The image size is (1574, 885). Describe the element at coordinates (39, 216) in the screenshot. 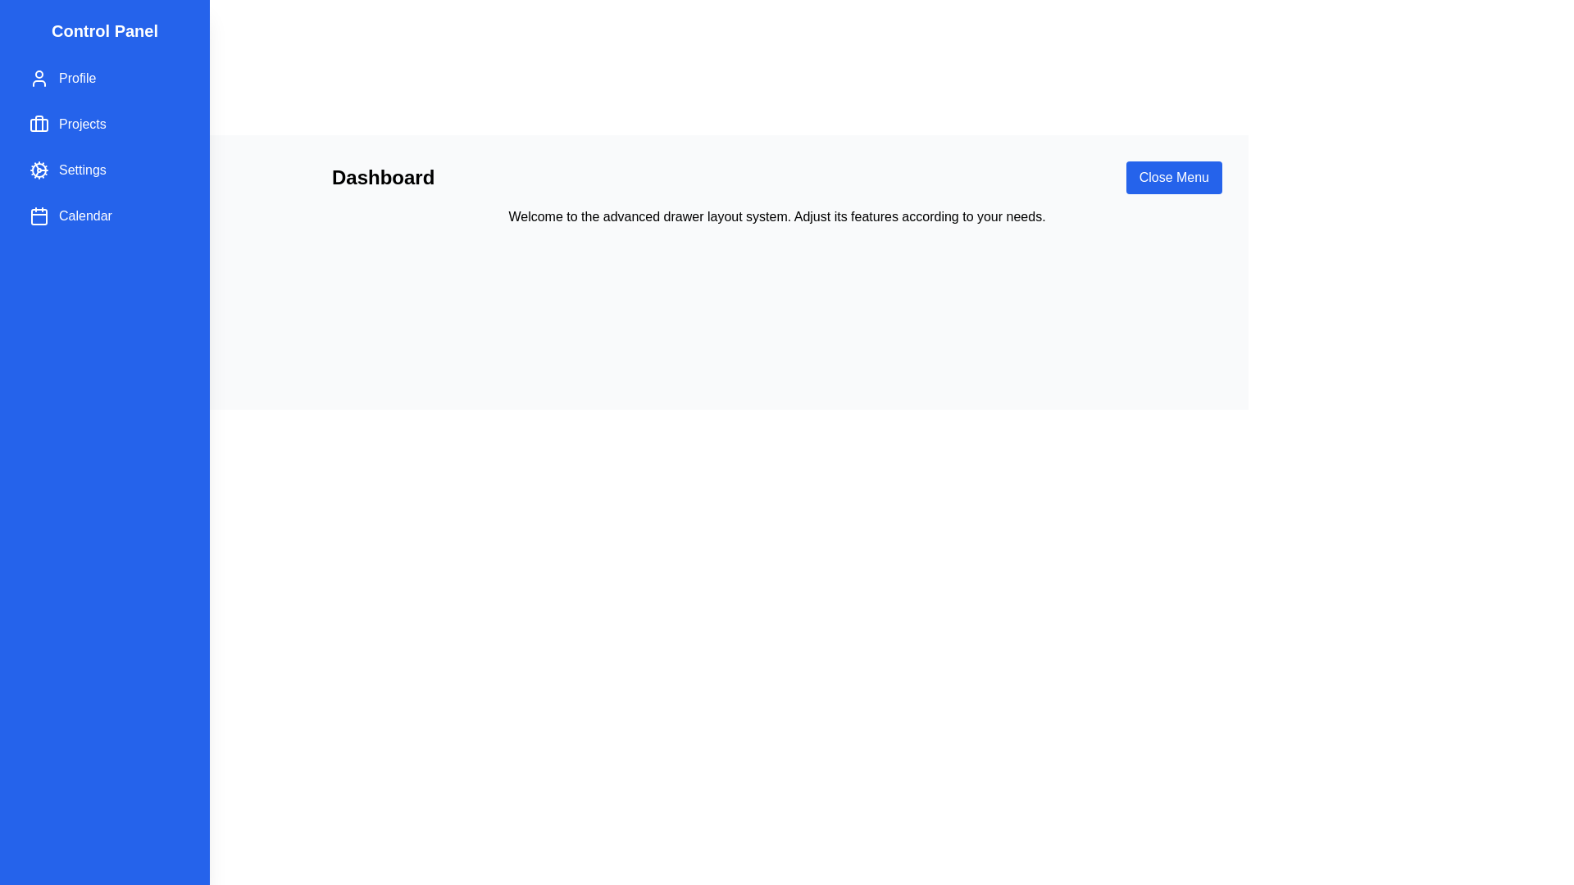

I see `the calendar date field represented by the rounded rectangle in the SVG icon, which is the fourth navigation icon on the blue sidebar` at that location.